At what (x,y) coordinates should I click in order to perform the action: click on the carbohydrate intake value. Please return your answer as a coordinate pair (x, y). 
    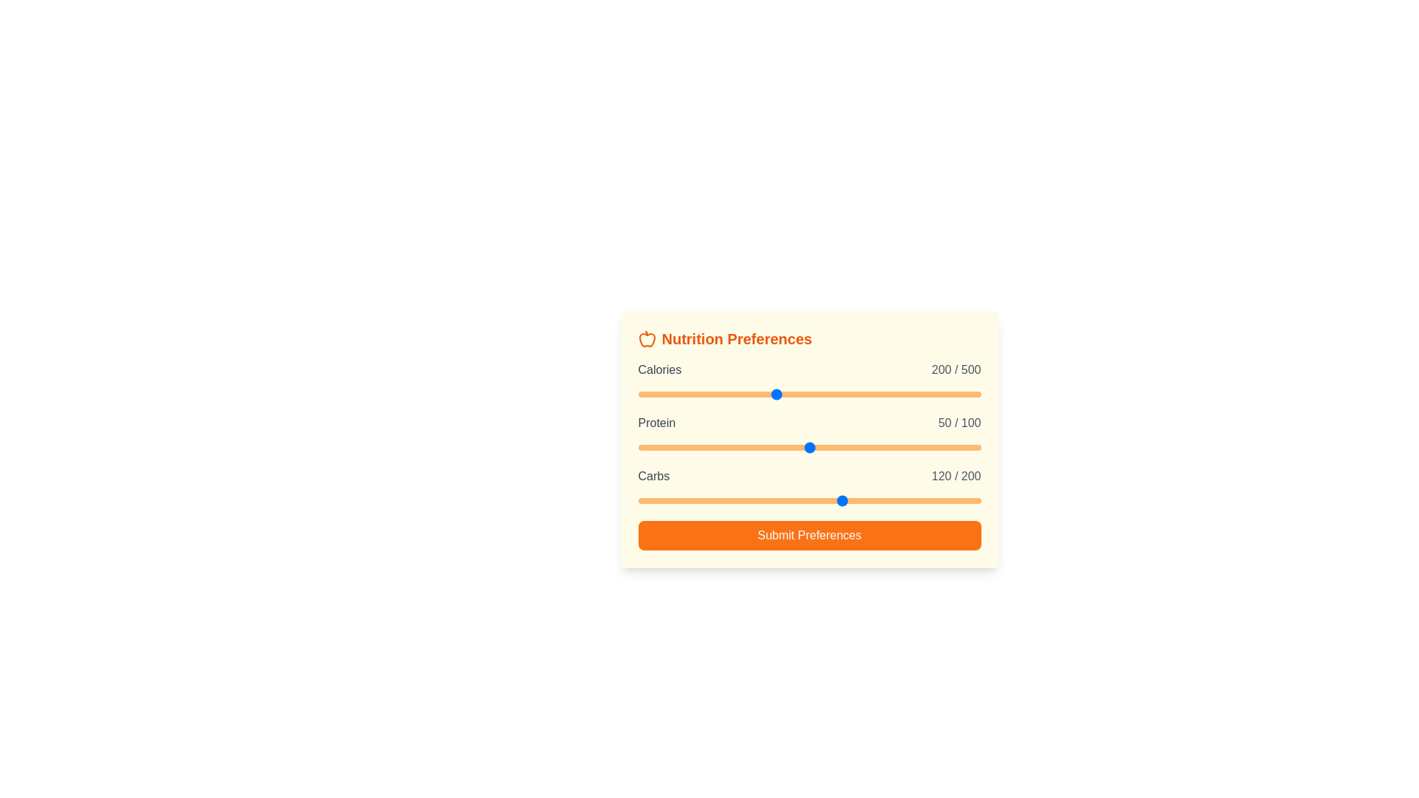
    Looking at the image, I should click on (648, 500).